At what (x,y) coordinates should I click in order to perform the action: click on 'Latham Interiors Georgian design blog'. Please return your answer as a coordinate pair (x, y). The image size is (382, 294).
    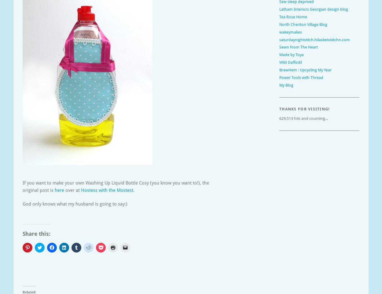
    Looking at the image, I should click on (314, 9).